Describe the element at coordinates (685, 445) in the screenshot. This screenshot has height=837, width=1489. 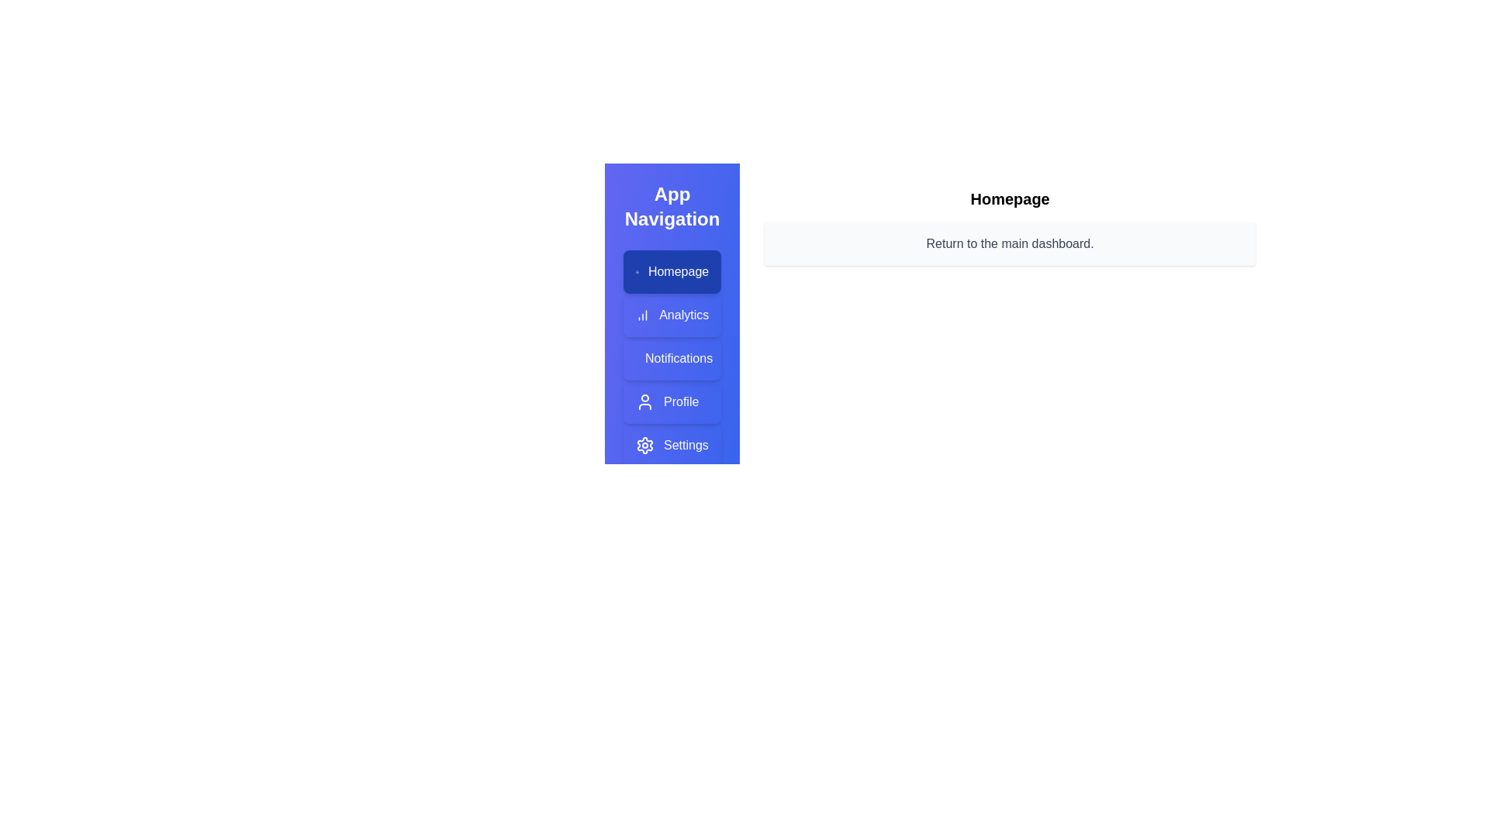
I see `text label for the 'Settings' section located in the vertical navigation menu on the left sidebar, which is positioned at the bottom of the menu items and directly to the right of a gear icon` at that location.